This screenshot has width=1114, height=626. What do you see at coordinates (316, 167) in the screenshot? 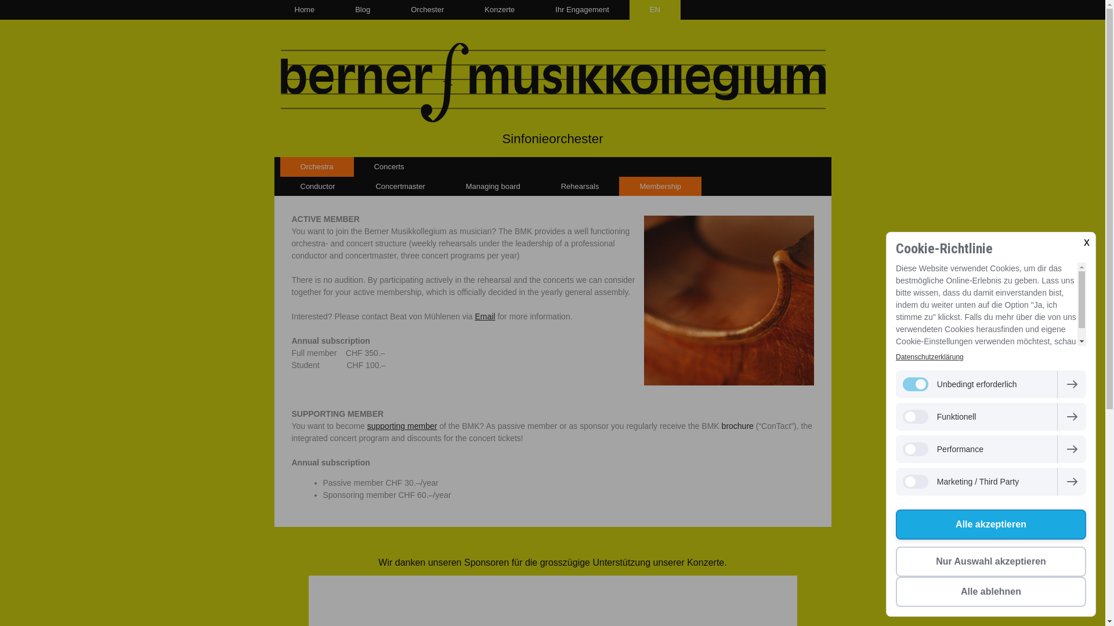
I see `'Orchestra'` at bounding box center [316, 167].